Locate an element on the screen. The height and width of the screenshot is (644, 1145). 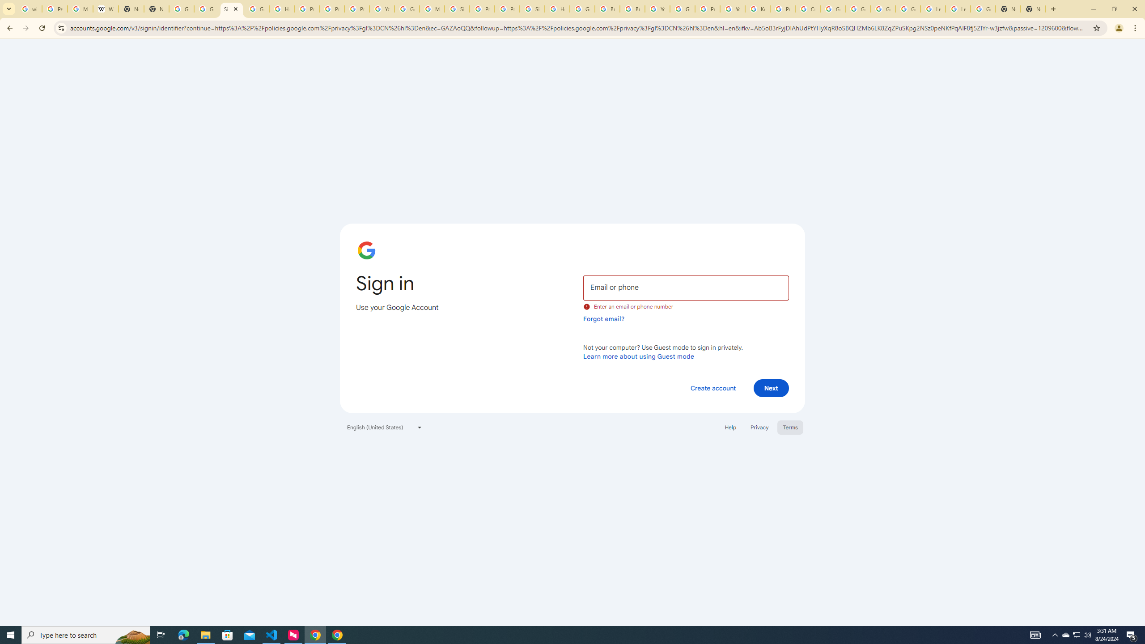
'Google Account Help' is located at coordinates (857, 8).